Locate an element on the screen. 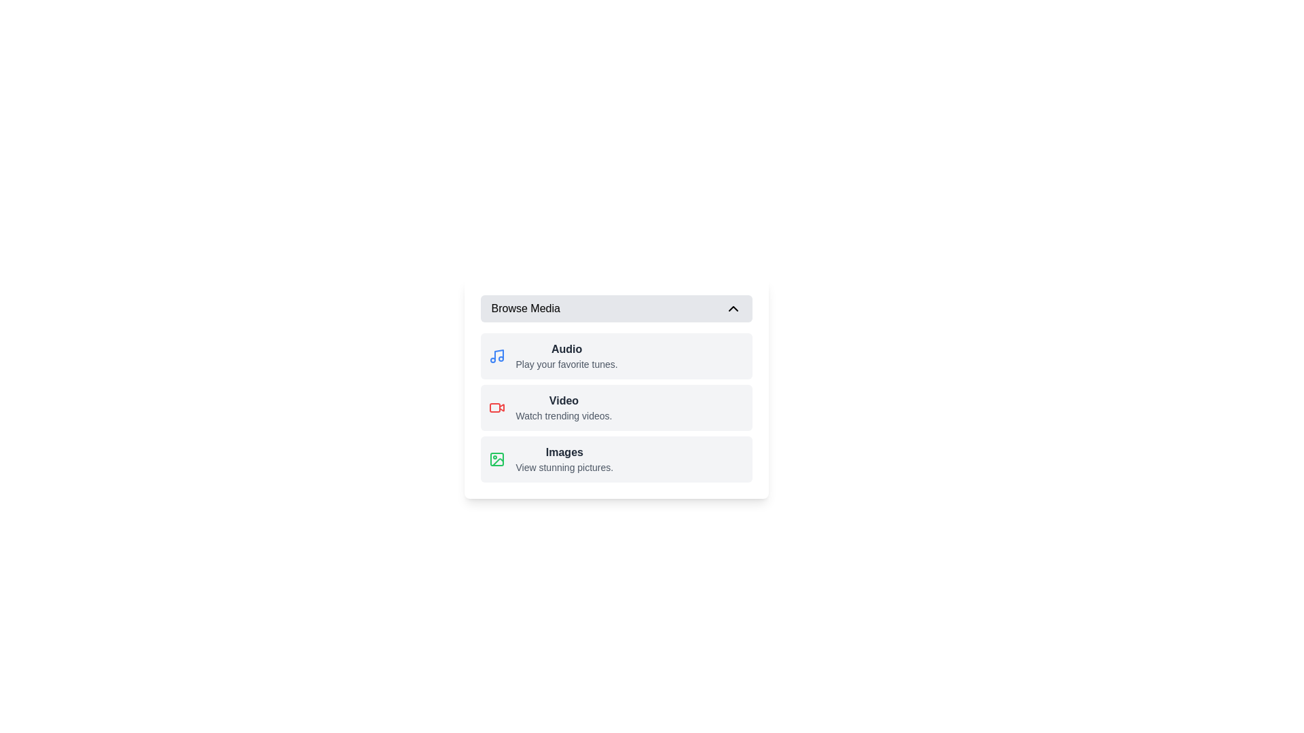  the music note icon within the 'Audio' section, which signifies music-related content or functionality is located at coordinates (498, 354).